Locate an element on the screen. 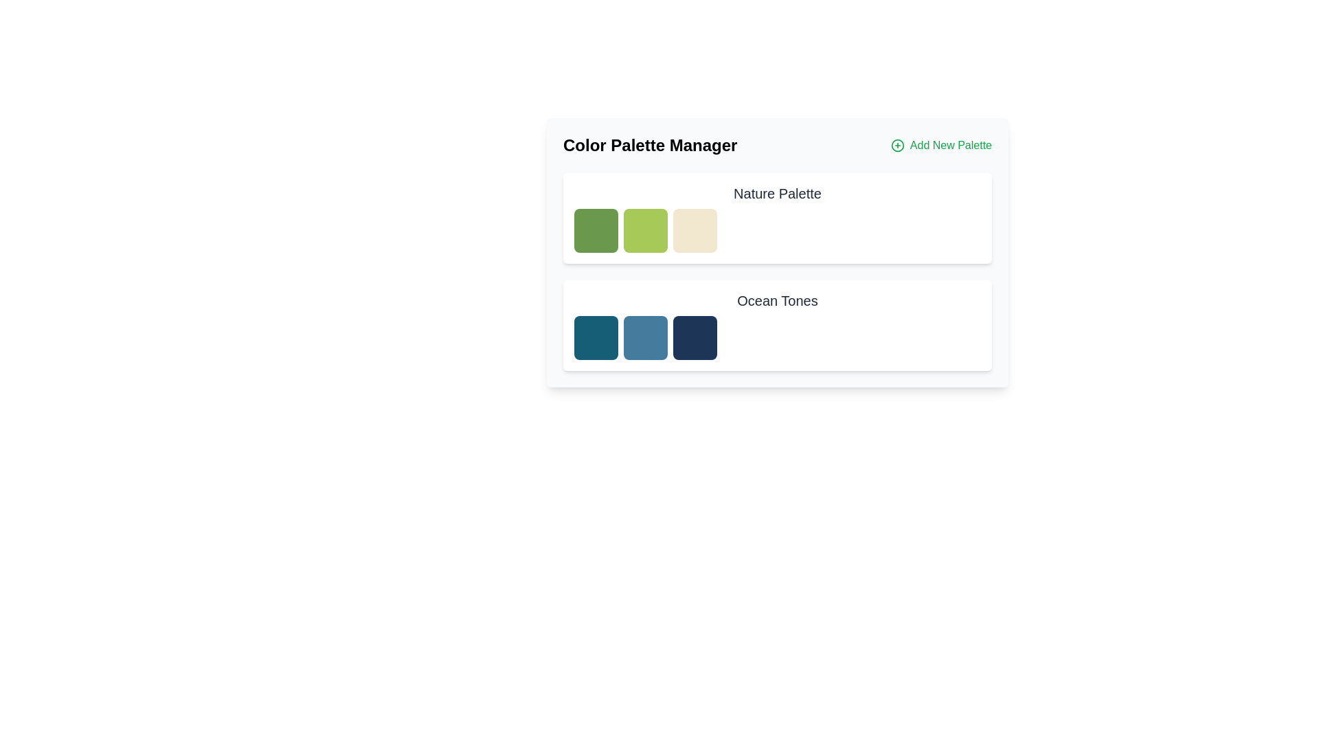 The image size is (1319, 742). the 'Ocean Tones' color palette card located is located at coordinates (778, 326).